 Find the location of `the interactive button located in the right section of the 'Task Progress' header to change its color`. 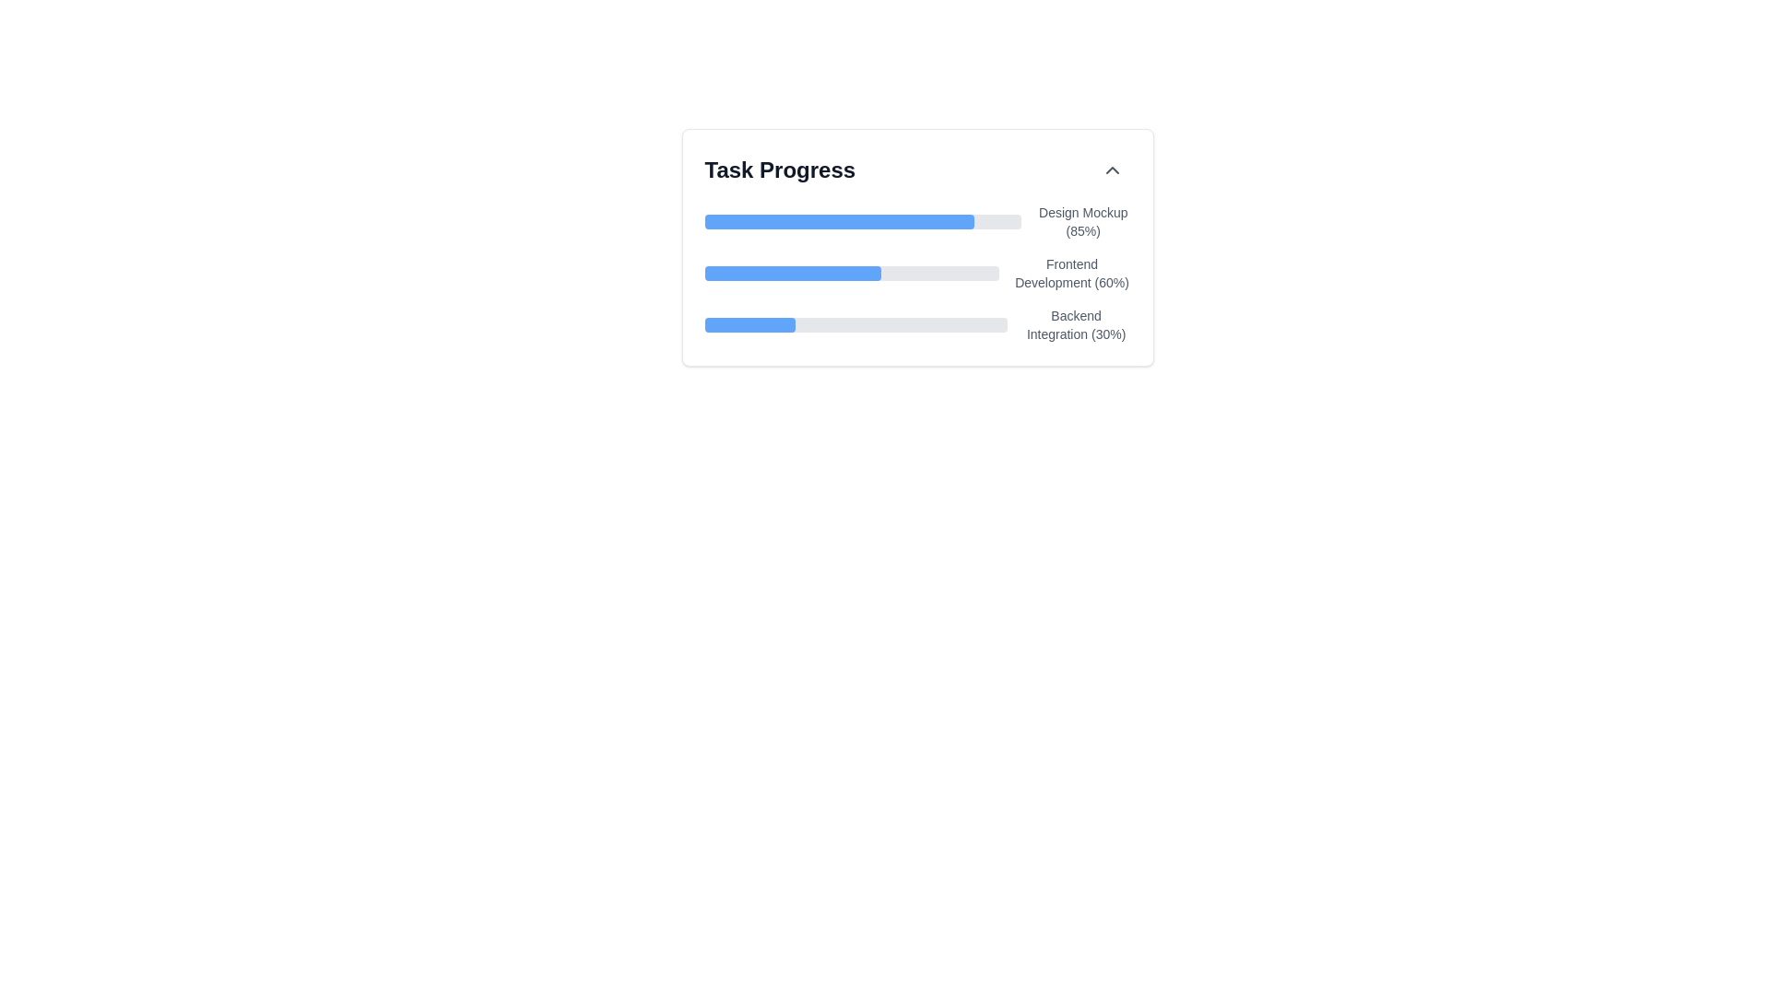

the interactive button located in the right section of the 'Task Progress' header to change its color is located at coordinates (1111, 170).